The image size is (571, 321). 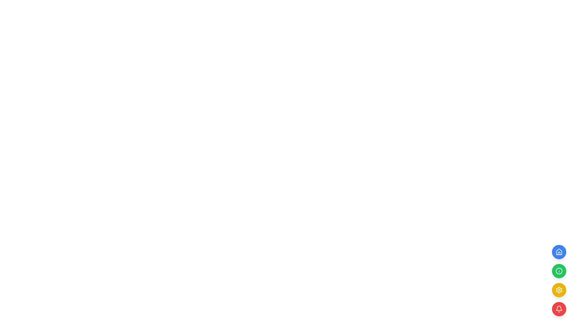 I want to click on the blue rounded button at the top of the vertical button row on the right side, so click(x=559, y=252).